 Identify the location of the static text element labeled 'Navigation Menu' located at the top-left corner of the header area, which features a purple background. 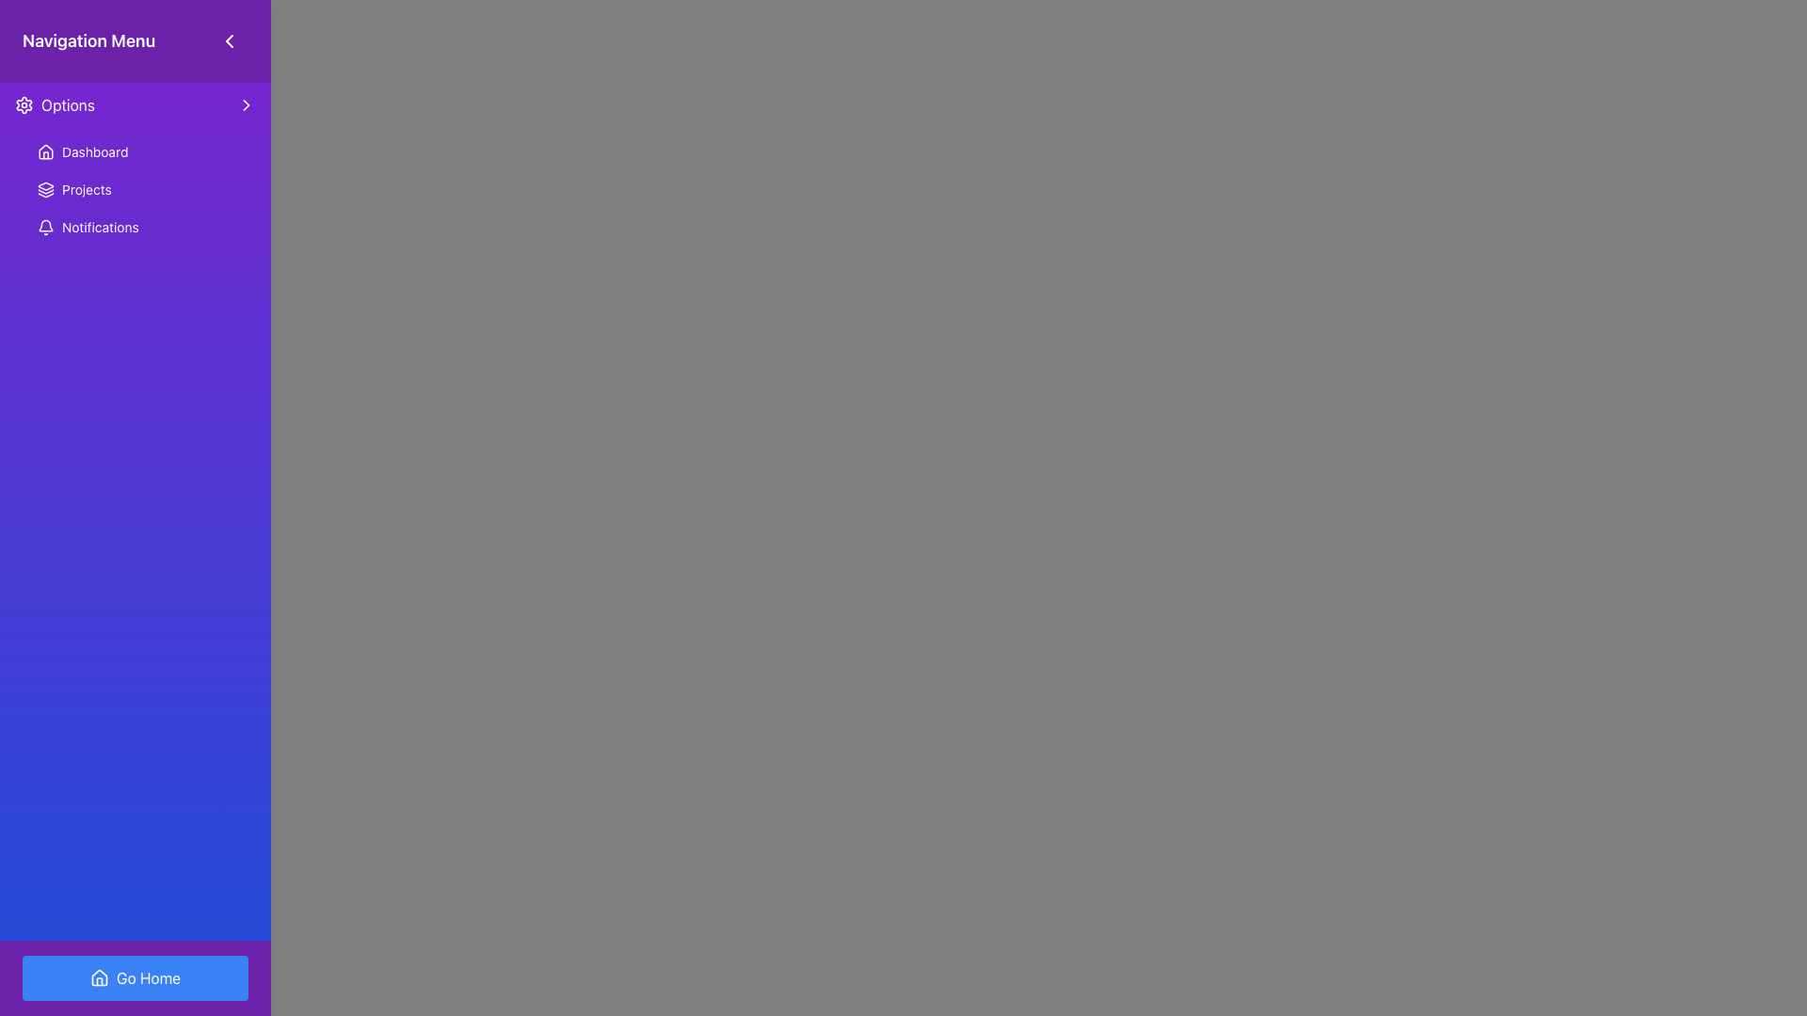
(88, 40).